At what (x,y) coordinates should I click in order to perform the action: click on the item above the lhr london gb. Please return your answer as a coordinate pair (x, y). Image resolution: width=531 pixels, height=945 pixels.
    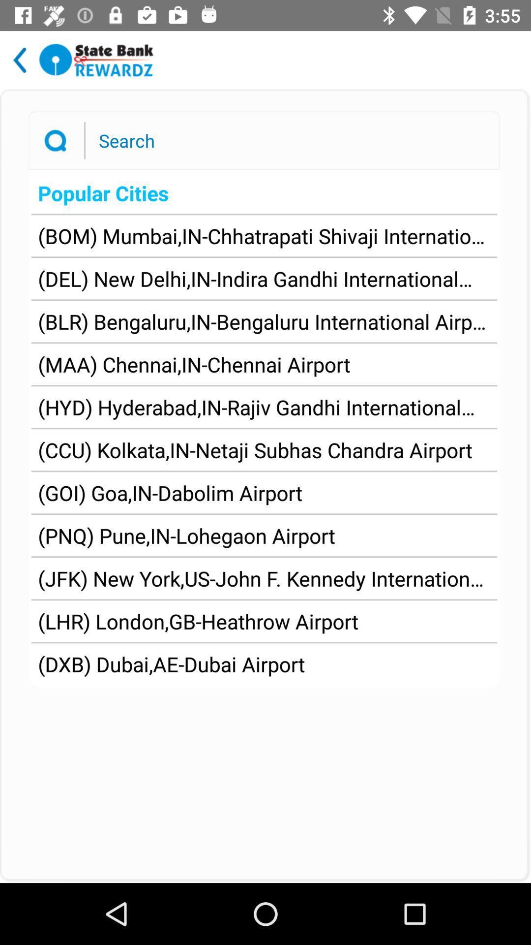
    Looking at the image, I should click on (264, 578).